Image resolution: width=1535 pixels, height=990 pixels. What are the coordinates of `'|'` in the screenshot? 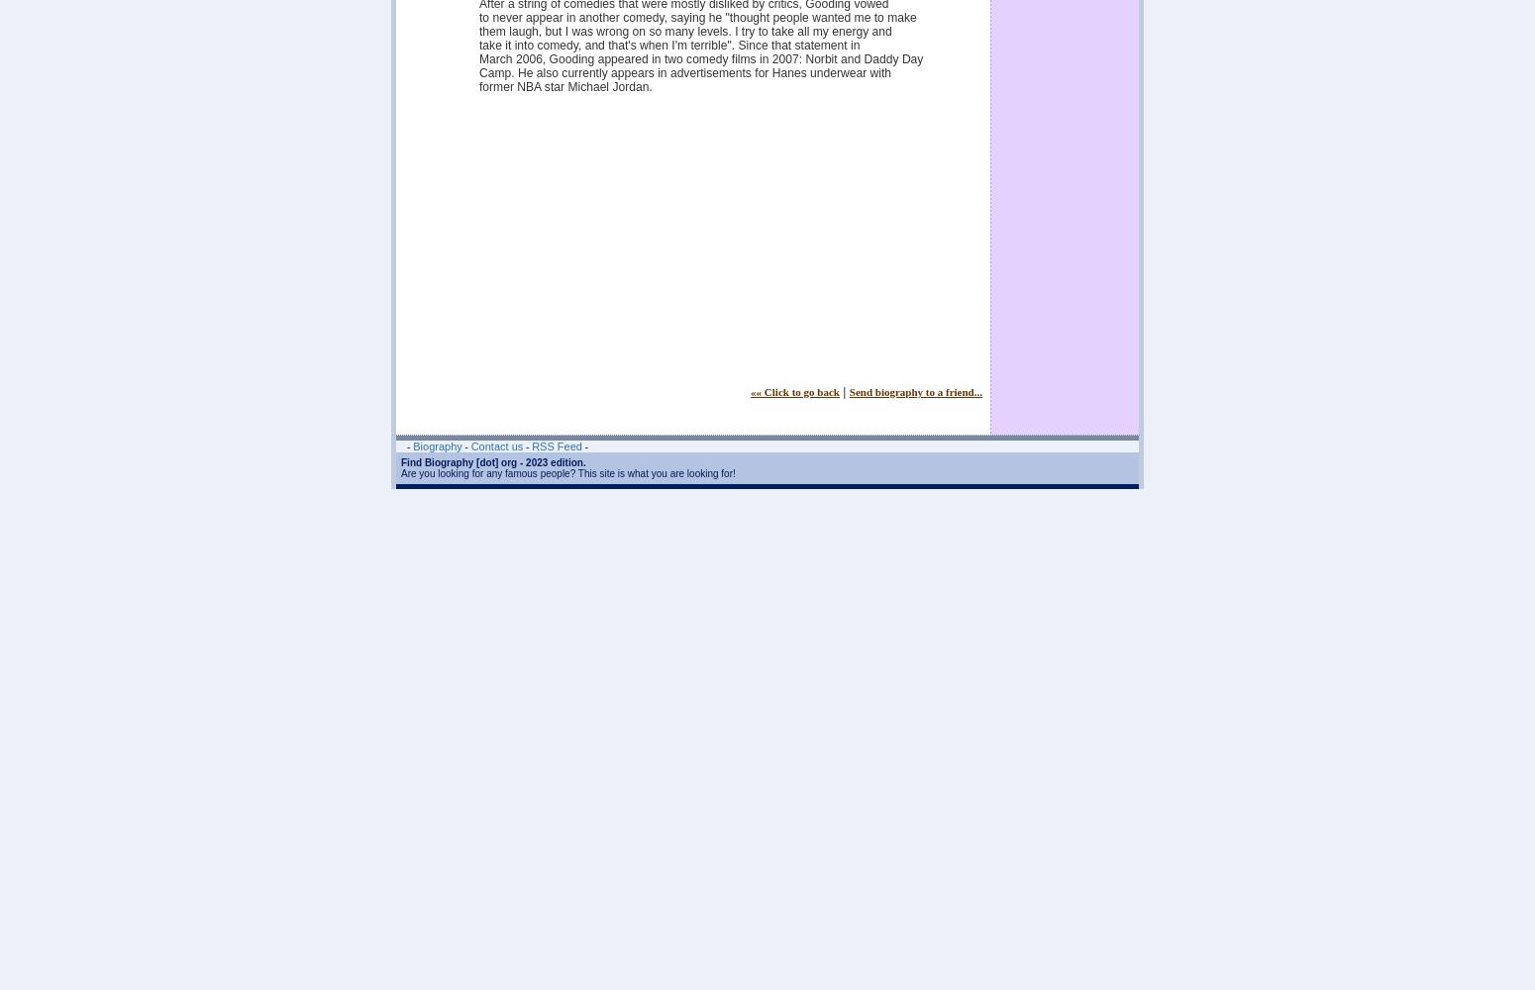 It's located at (843, 392).